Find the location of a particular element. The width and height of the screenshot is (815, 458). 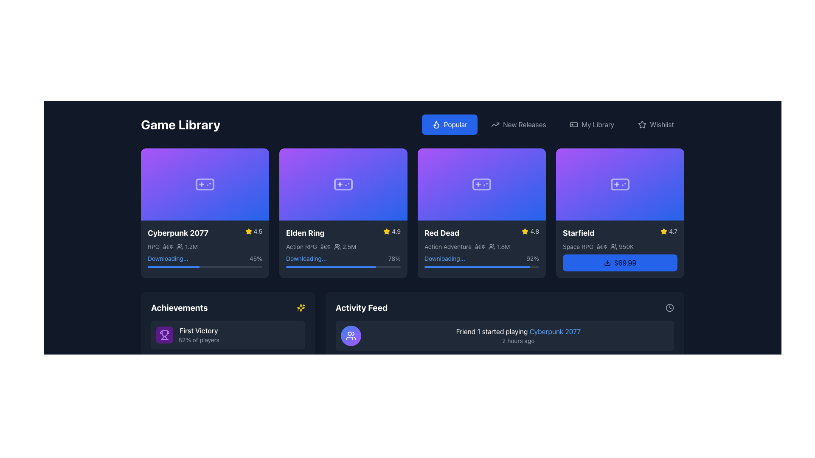

the static text label that displays a friend's gaming activity, located in the 'Activity Feed' section above the timestamp '2 hours ago' is located at coordinates (518, 331).